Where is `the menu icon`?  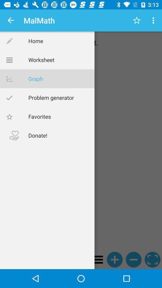 the menu icon is located at coordinates (96, 259).